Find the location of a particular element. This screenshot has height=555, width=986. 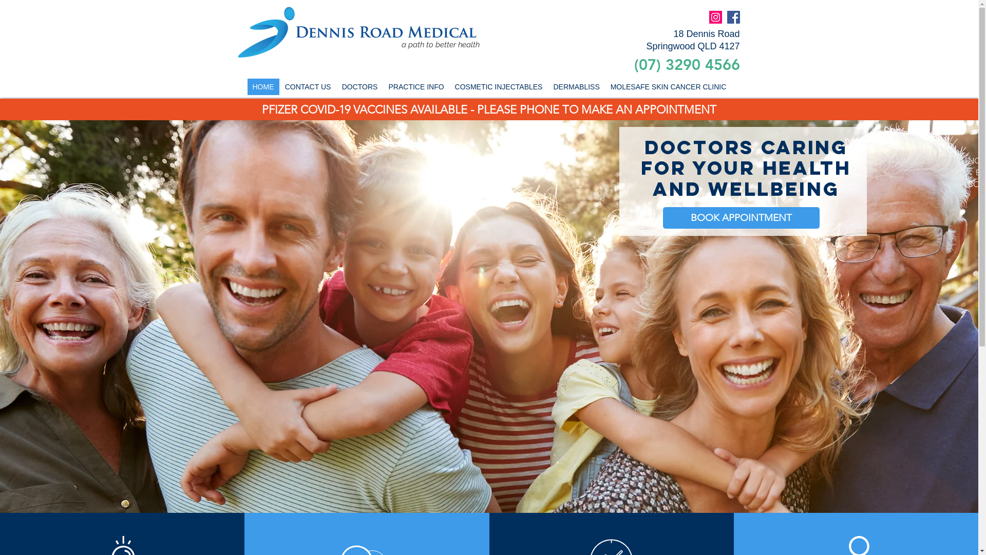

'MOLESAFE SKIN CANCER CLINIC' is located at coordinates (668, 86).